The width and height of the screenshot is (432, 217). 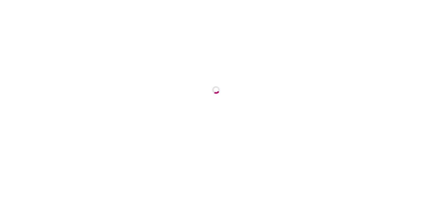 I want to click on 'Contact Us', so click(x=351, y=25).